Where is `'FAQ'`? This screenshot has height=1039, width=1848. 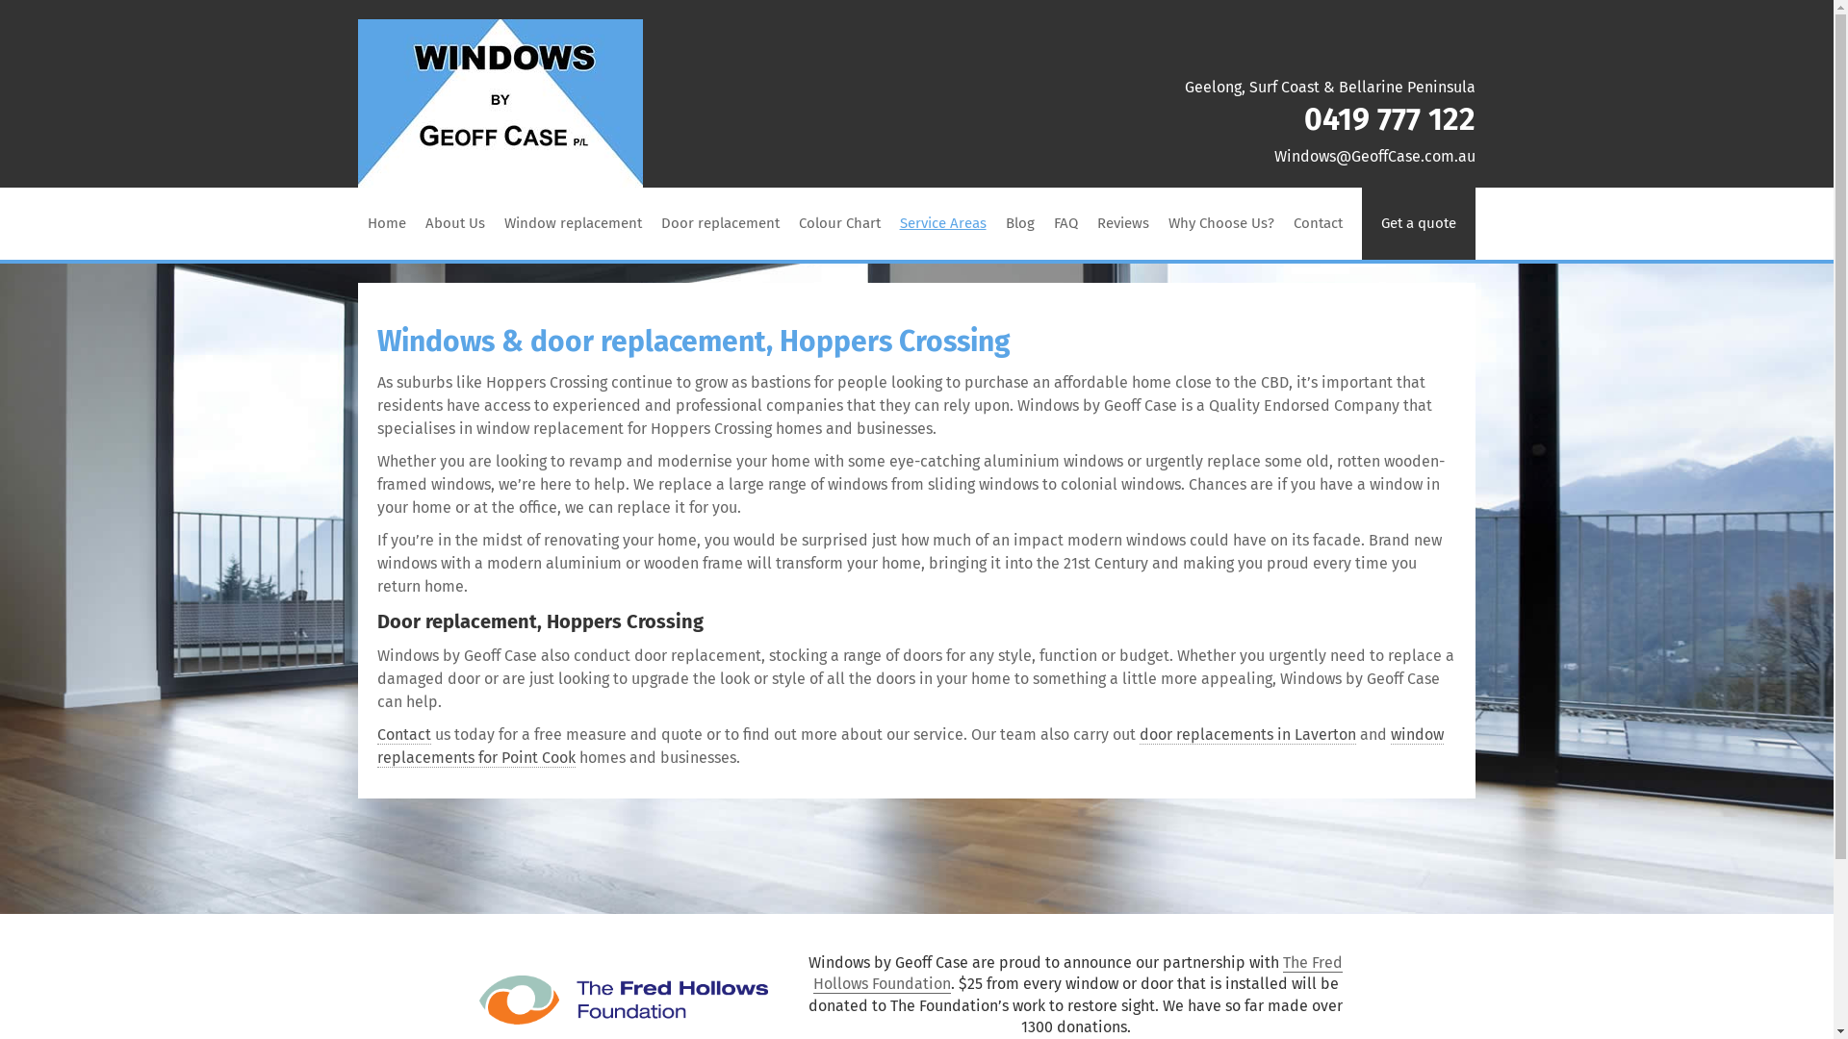
'FAQ' is located at coordinates (1065, 222).